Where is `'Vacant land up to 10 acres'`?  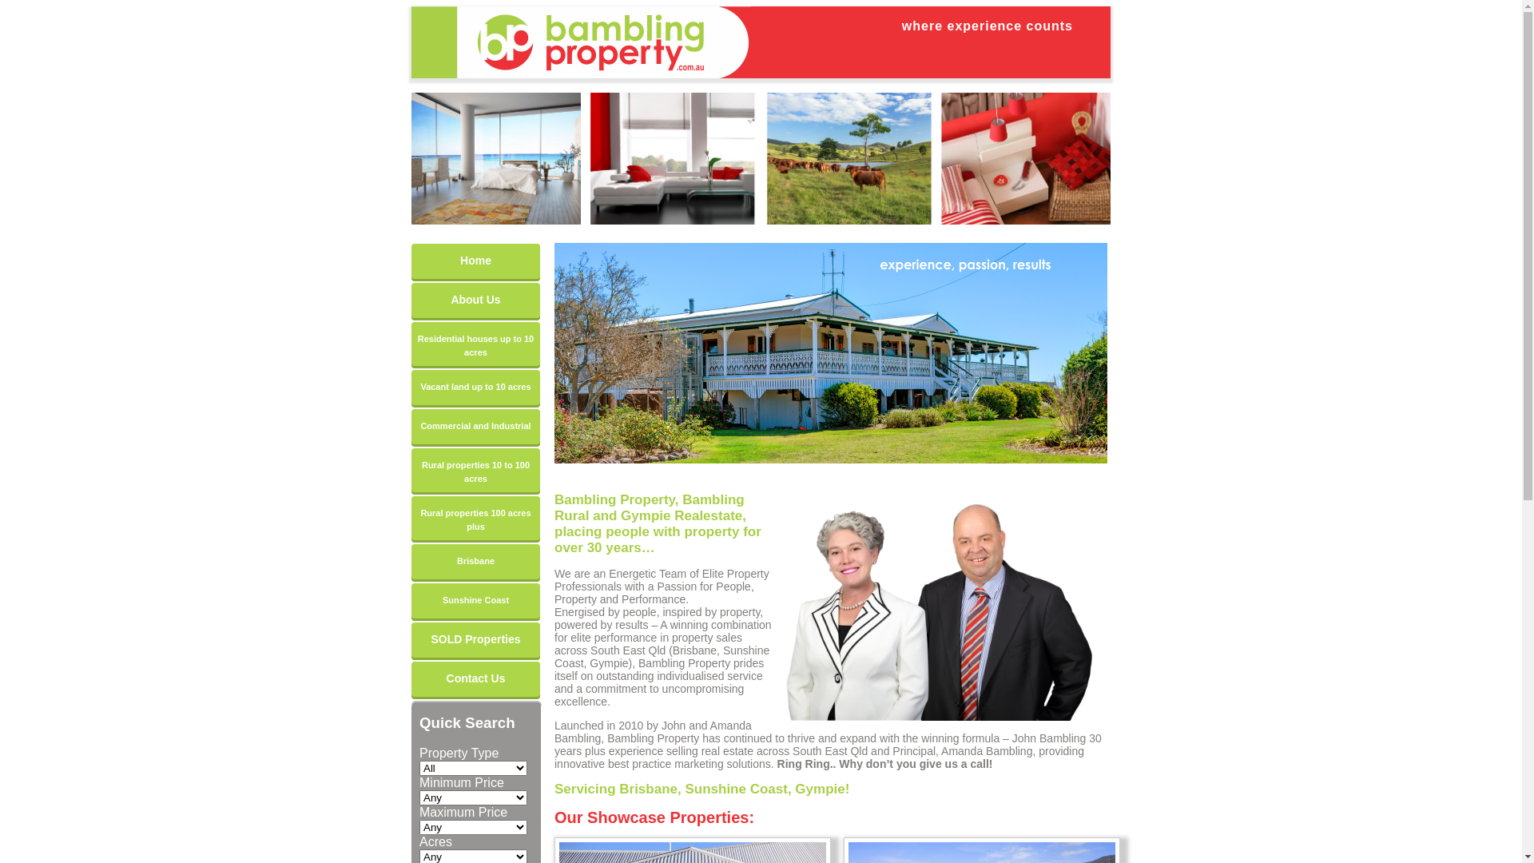 'Vacant land up to 10 acres' is located at coordinates (411, 388).